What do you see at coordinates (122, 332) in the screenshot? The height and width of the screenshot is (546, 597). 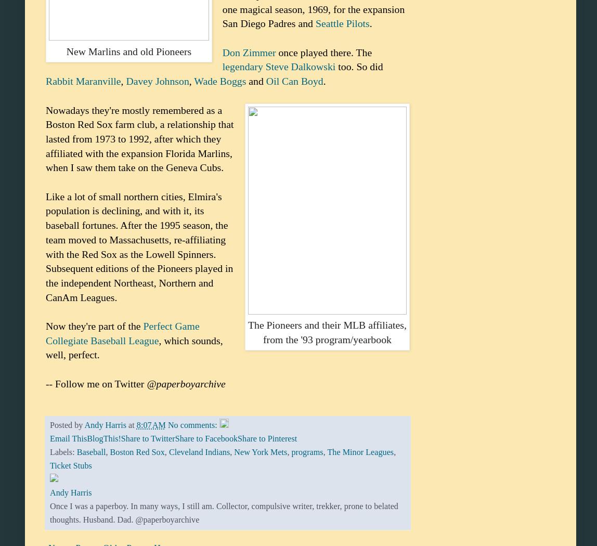 I see `'Perfect Game Collegiate Baseball League'` at bounding box center [122, 332].